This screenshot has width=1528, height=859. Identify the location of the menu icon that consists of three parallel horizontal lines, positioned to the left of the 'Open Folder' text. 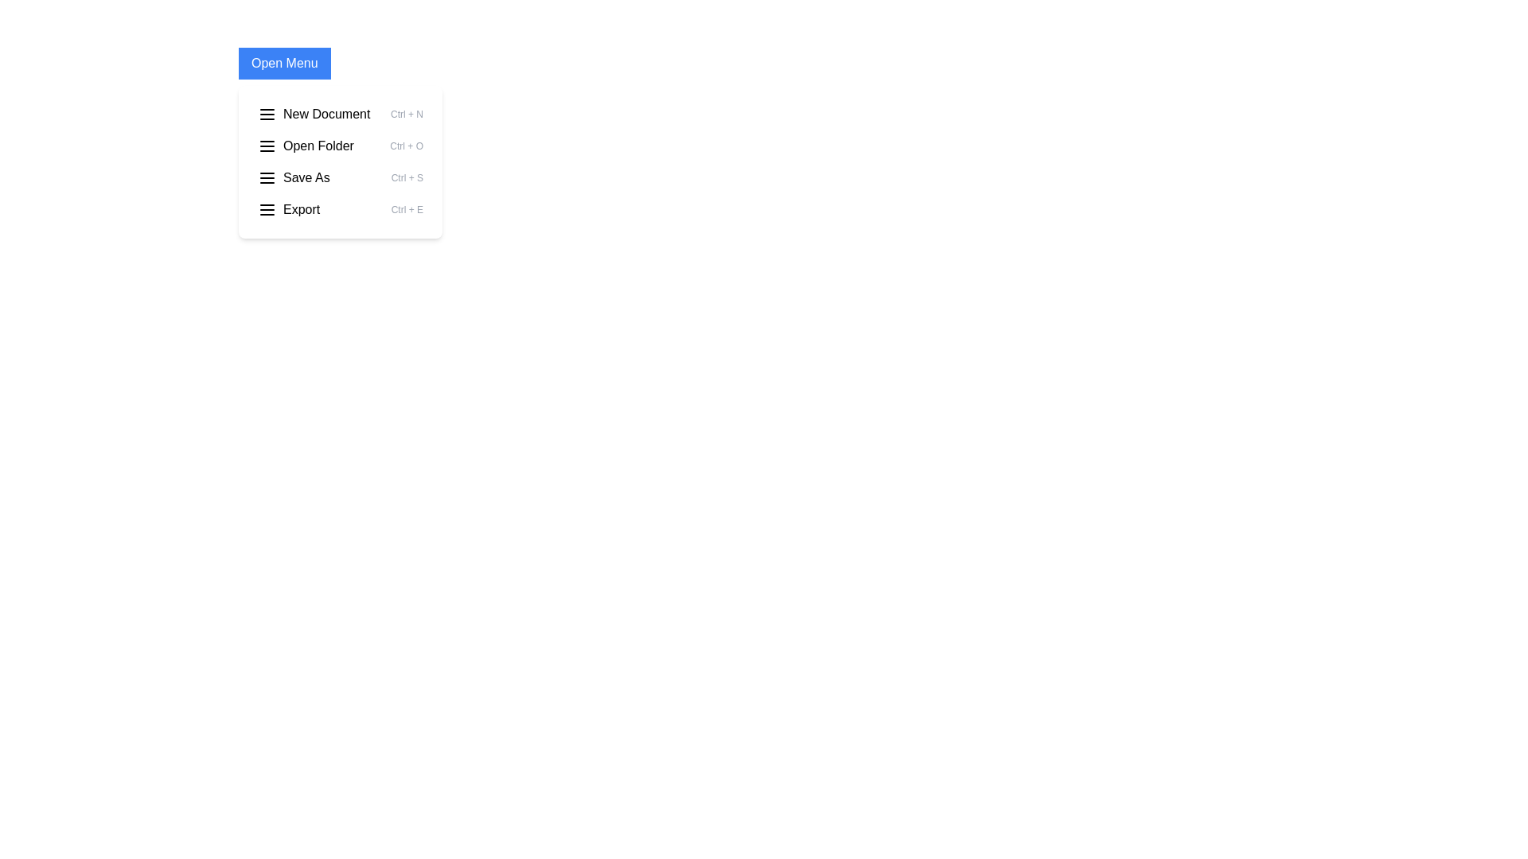
(267, 146).